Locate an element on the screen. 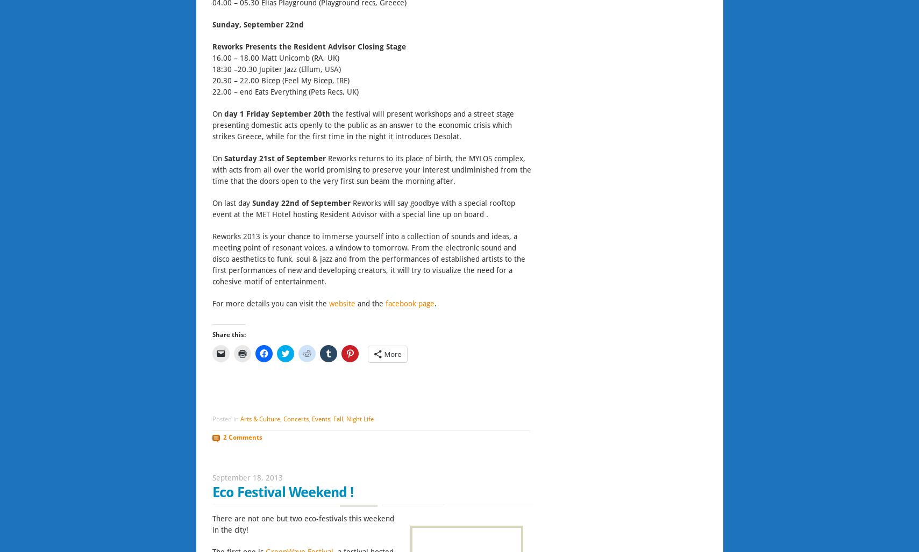  '20.30 – 22.00 Bicep (Feel My Bicep, IRE)' is located at coordinates (280, 80).